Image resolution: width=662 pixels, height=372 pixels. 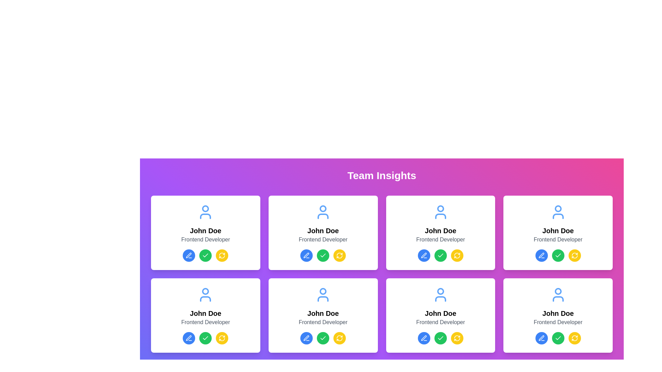 What do you see at coordinates (440, 338) in the screenshot?
I see `the circular green button with a white checkmark icon located below the text 'John Doe' and 'Frontend Developer' to trigger a tooltip or effect` at bounding box center [440, 338].